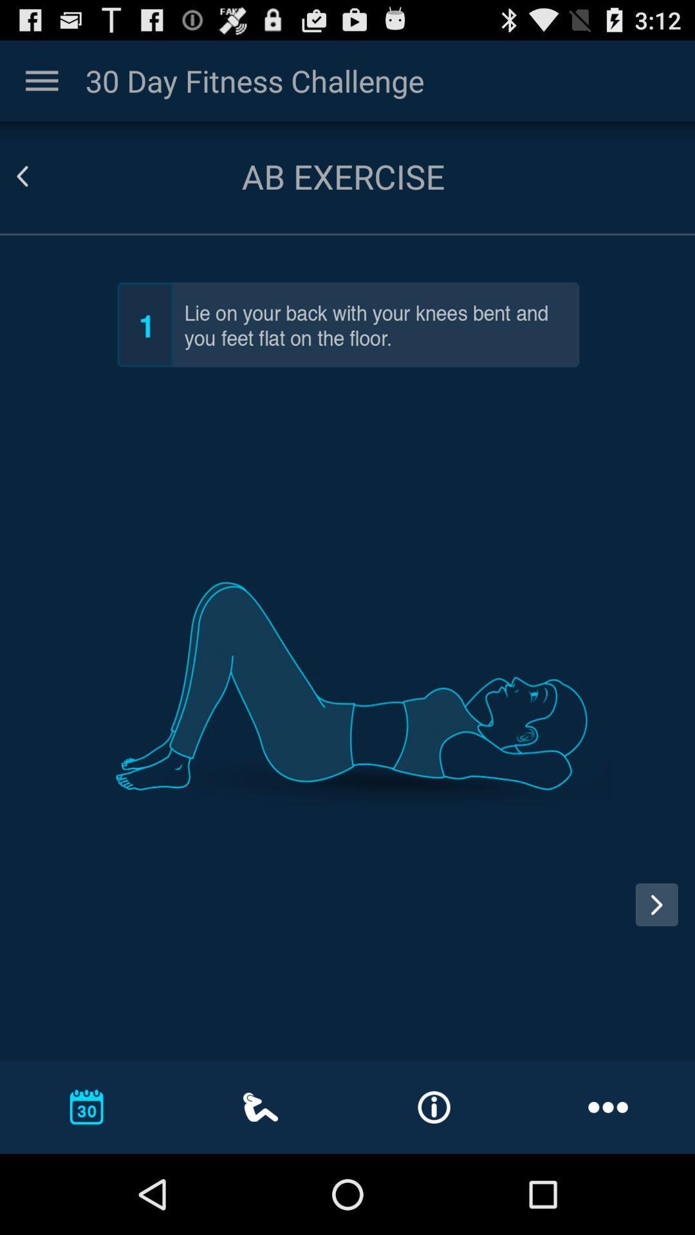  Describe the element at coordinates (656, 904) in the screenshot. I see `go forward` at that location.